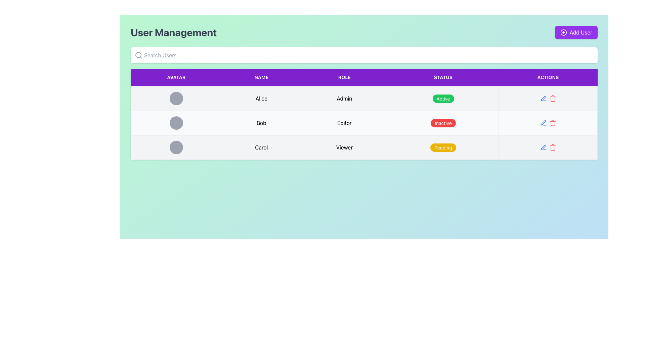 This screenshot has height=362, width=645. I want to click on the 'Editor' text label located in the second row and third column of the table, which is in close proximity to the cells containing 'Bob' and 'Inactive', so click(344, 123).